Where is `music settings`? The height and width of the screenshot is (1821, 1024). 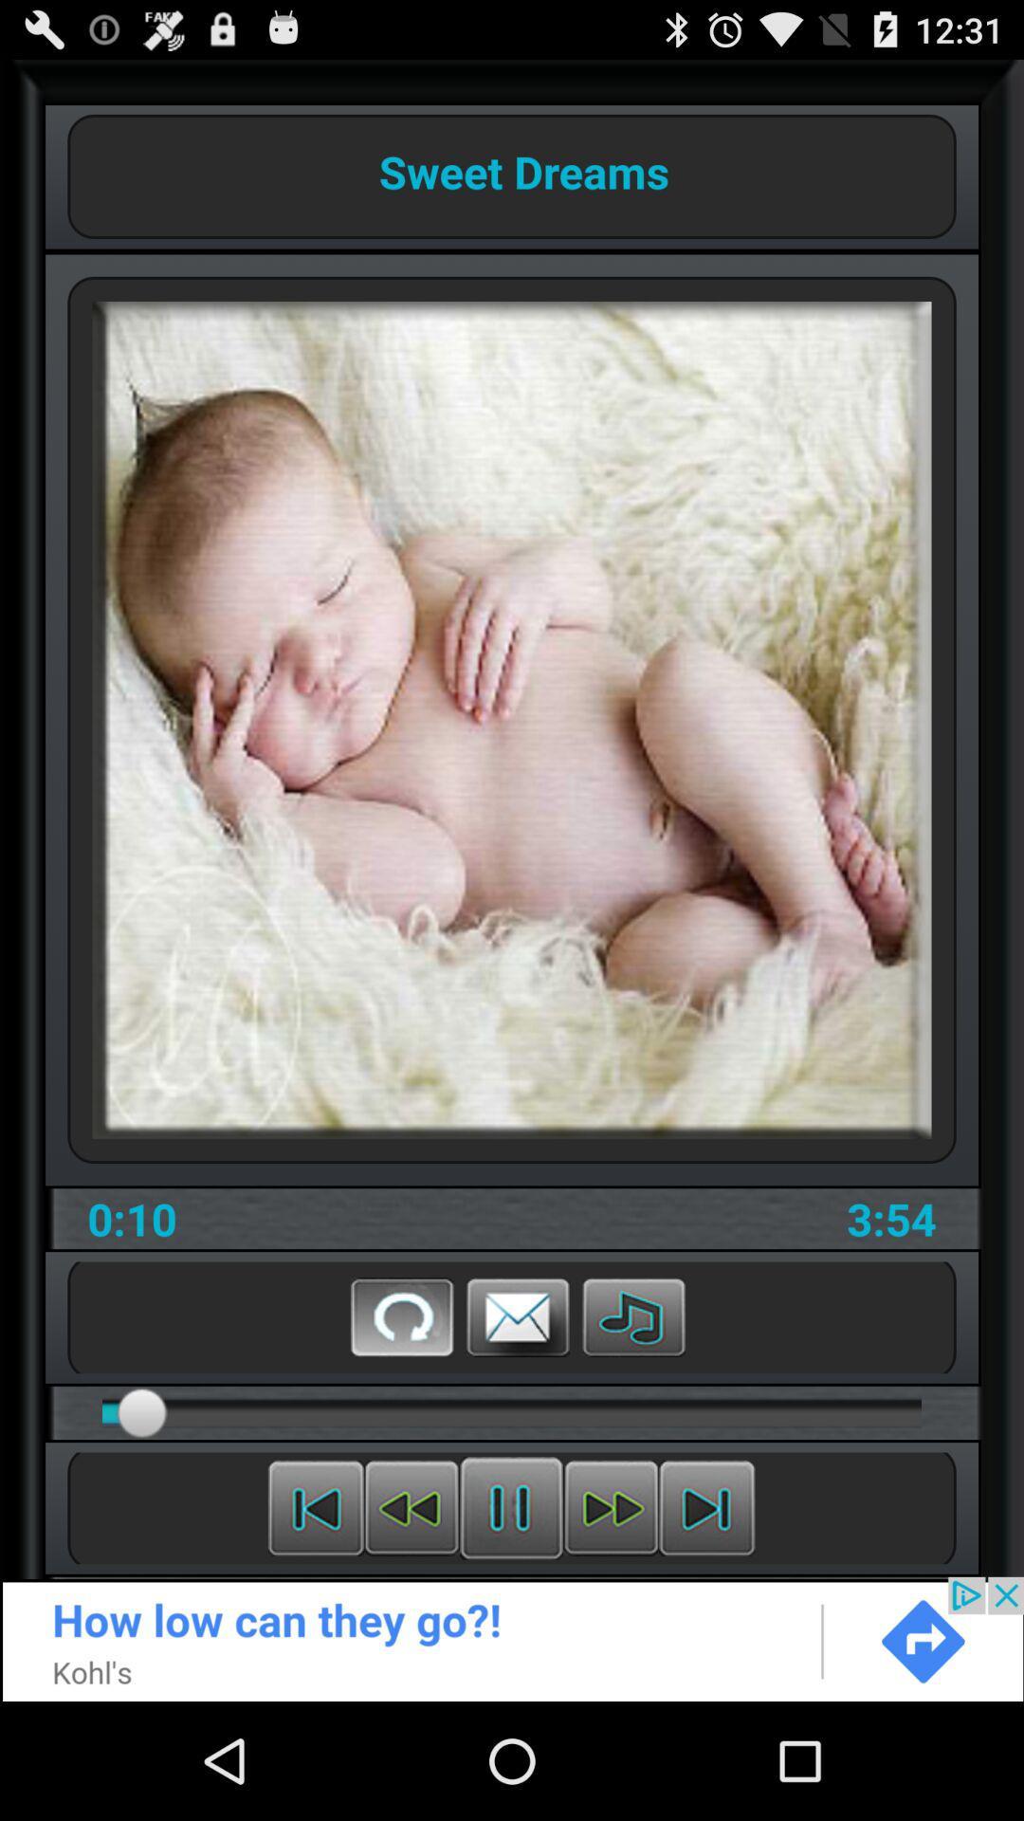 music settings is located at coordinates (633, 1315).